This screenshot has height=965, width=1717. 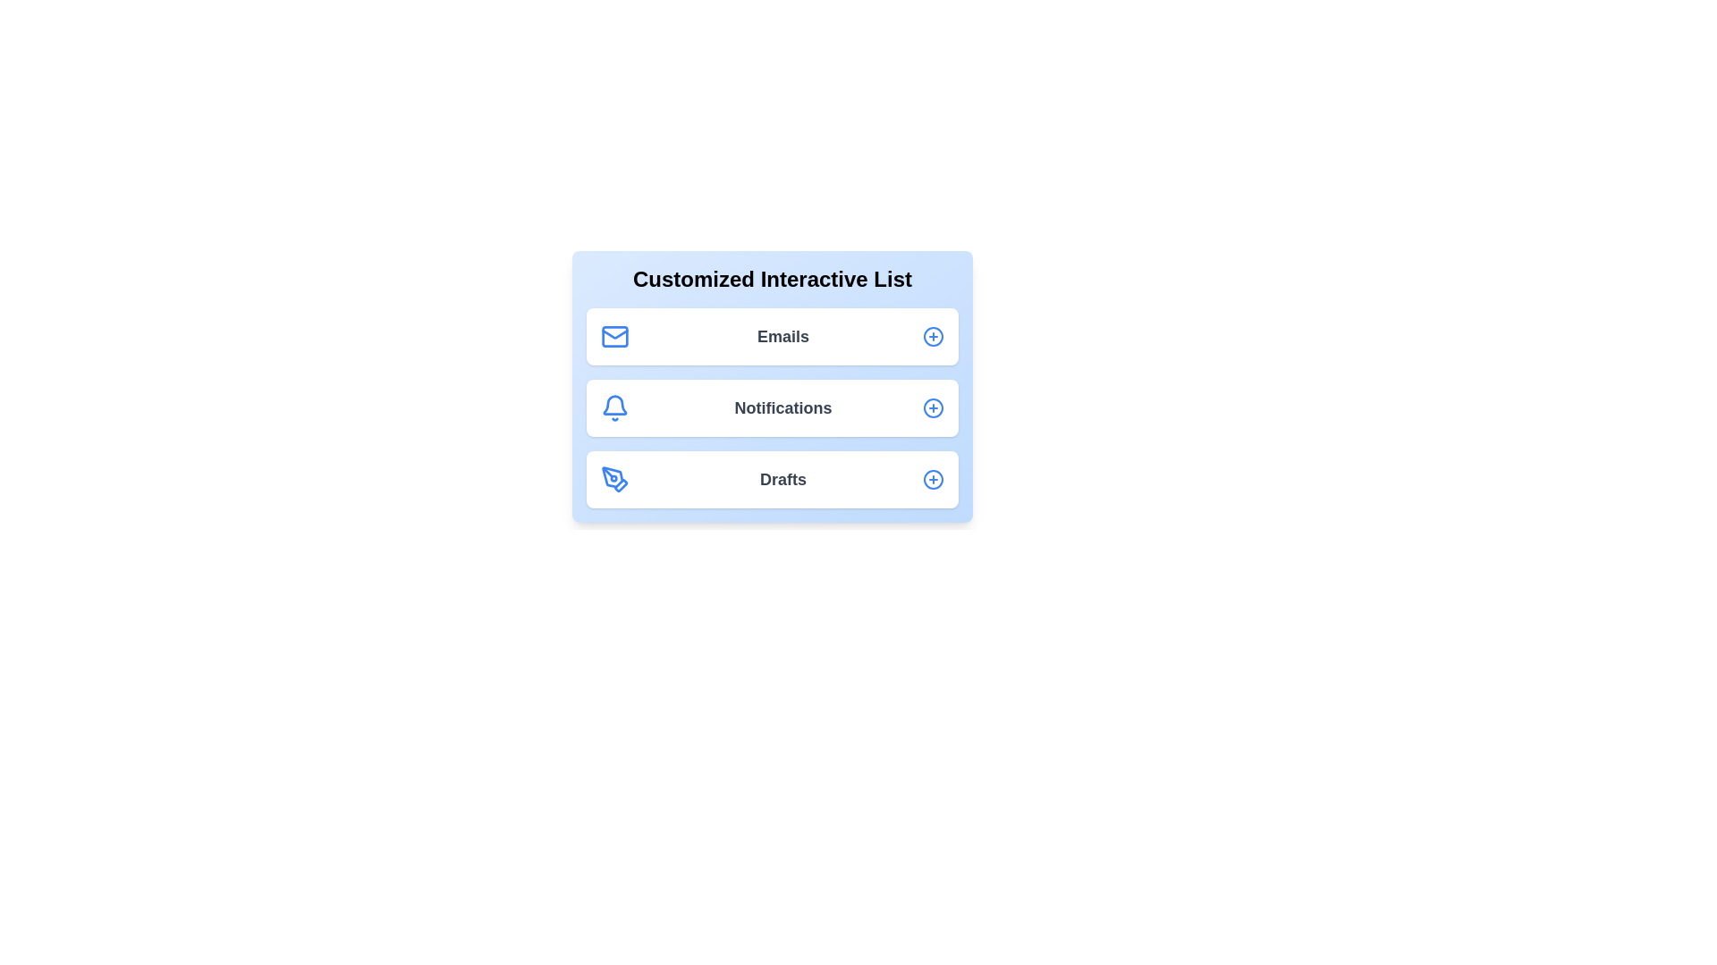 I want to click on the element corresponding to Drafts, so click(x=773, y=478).